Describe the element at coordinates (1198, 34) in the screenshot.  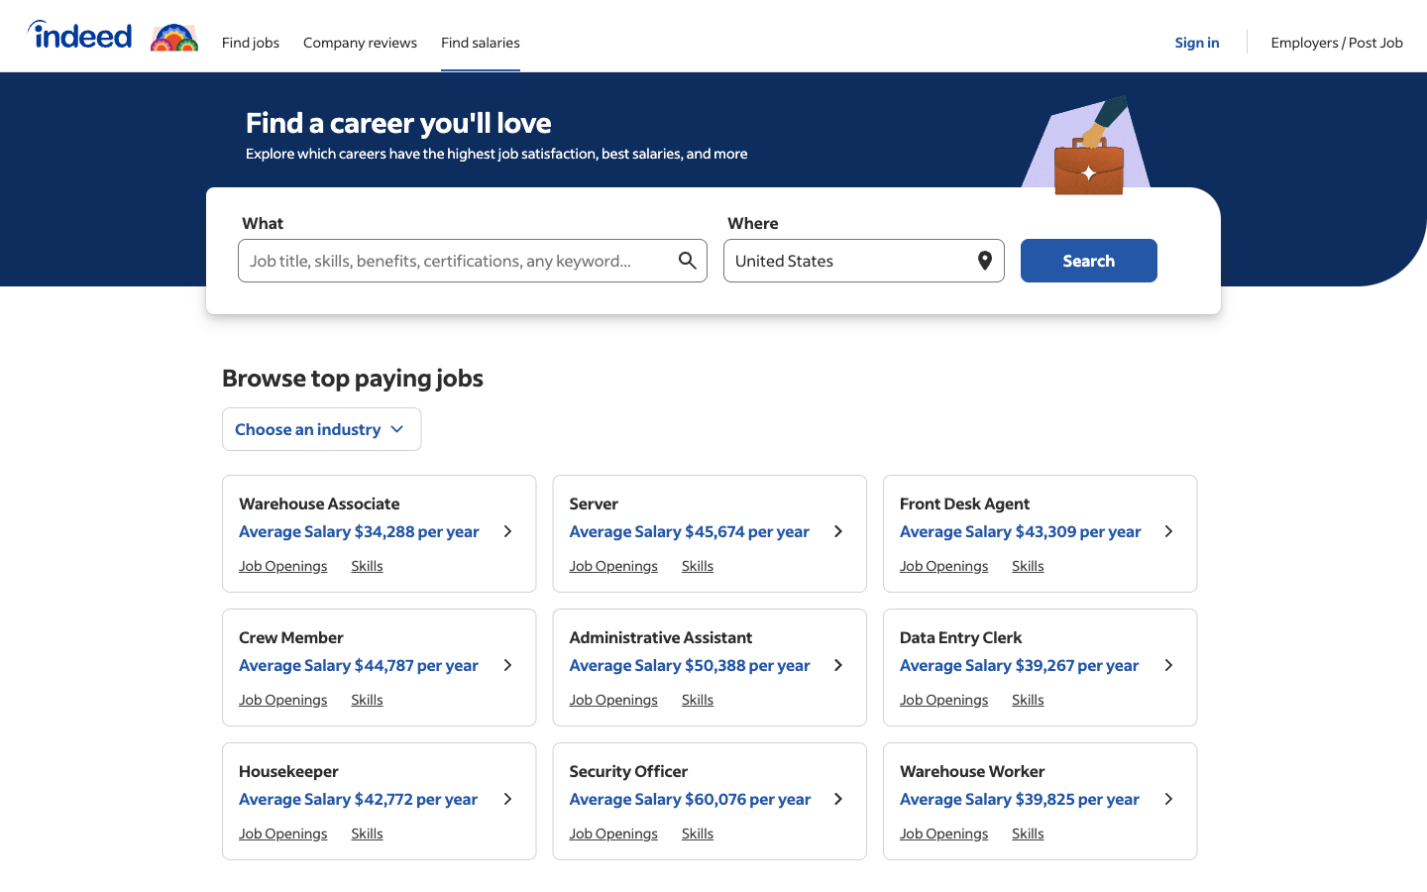
I see `Go to the Sign In page` at that location.